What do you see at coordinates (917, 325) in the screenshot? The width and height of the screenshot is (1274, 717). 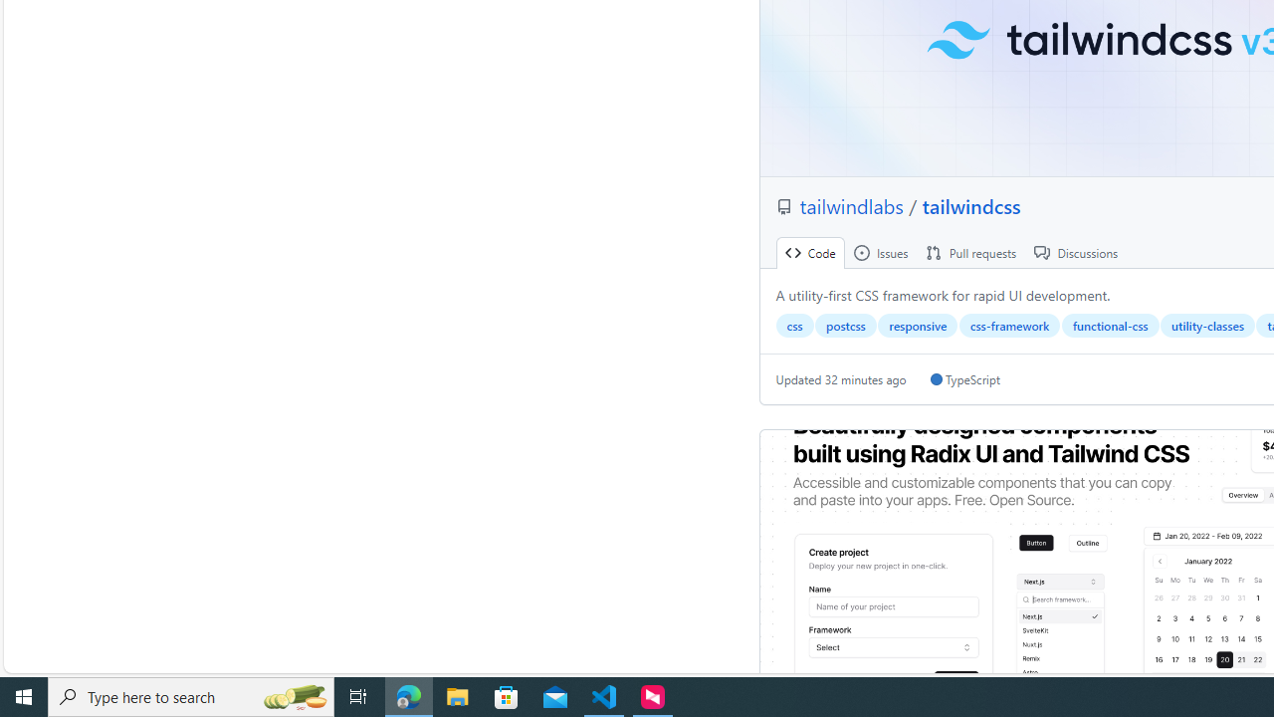 I see `'responsive'` at bounding box center [917, 325].